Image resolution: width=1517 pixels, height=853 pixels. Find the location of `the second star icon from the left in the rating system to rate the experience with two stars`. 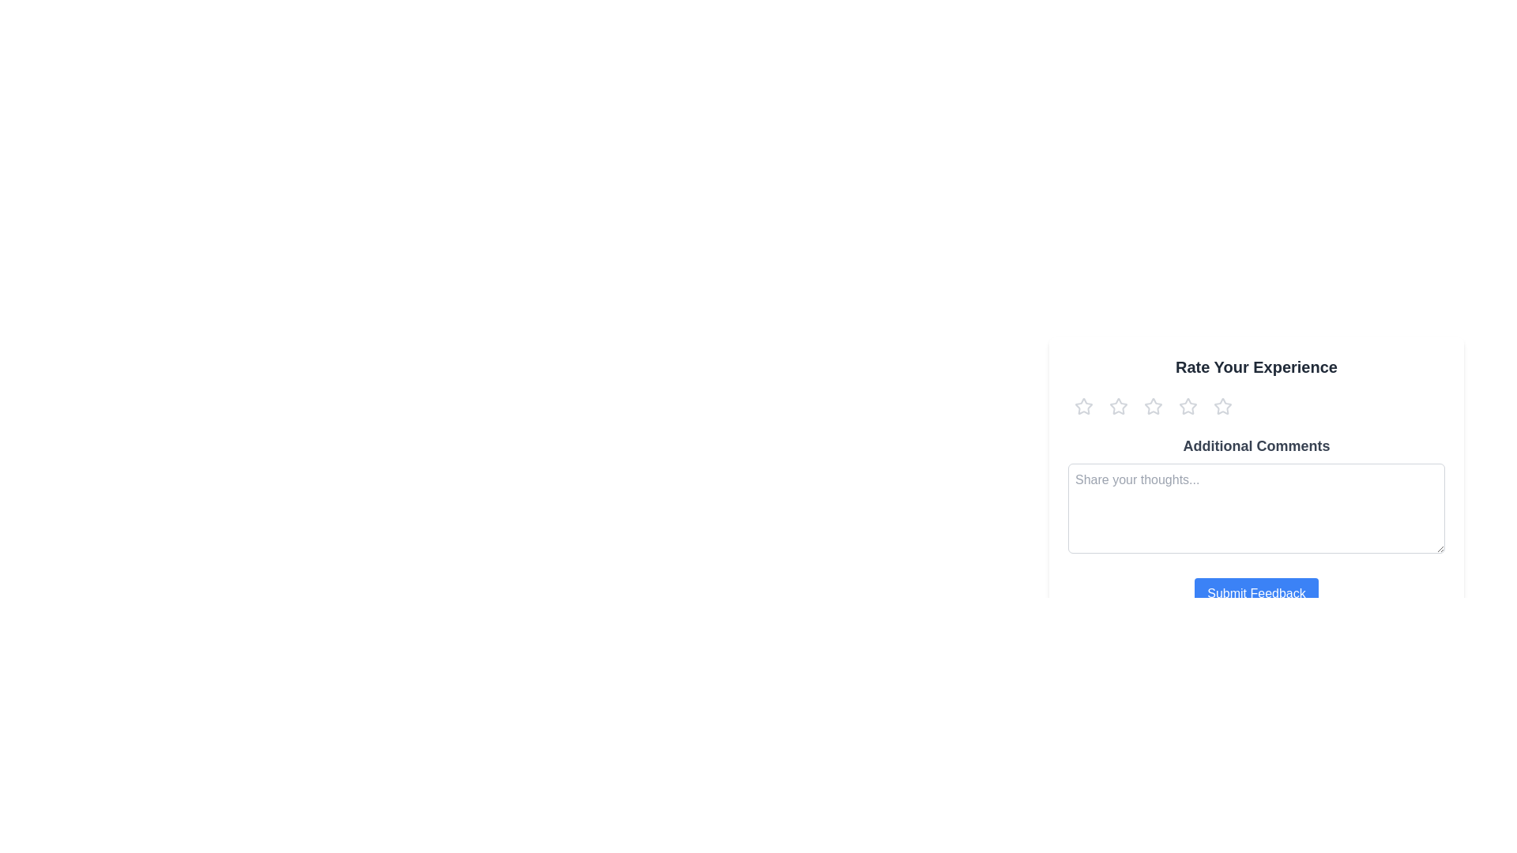

the second star icon from the left in the rating system to rate the experience with two stars is located at coordinates (1118, 406).